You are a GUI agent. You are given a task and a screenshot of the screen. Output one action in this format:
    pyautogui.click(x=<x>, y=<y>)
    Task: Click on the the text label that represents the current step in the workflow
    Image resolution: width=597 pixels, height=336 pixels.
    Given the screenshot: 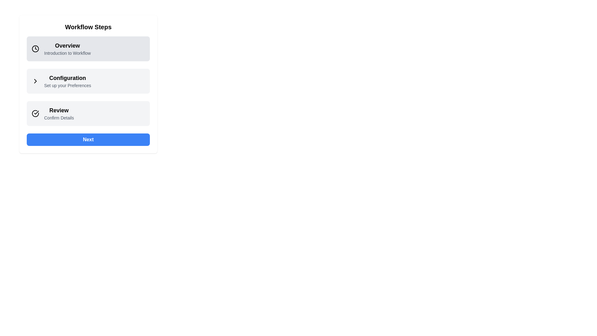 What is the action you would take?
    pyautogui.click(x=67, y=49)
    